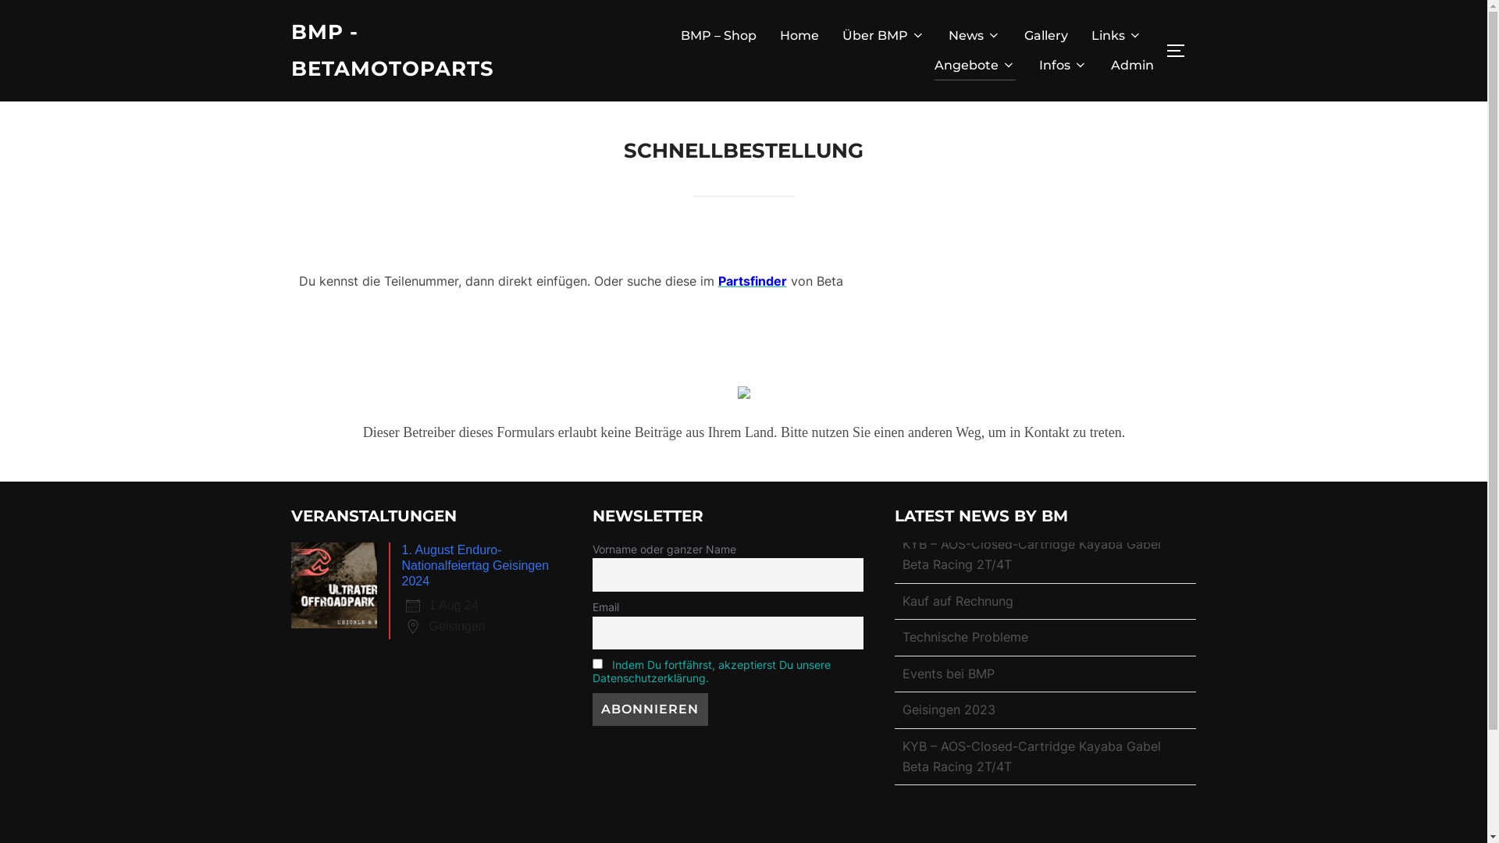  What do you see at coordinates (947, 688) in the screenshot?
I see `'Events bei BMP'` at bounding box center [947, 688].